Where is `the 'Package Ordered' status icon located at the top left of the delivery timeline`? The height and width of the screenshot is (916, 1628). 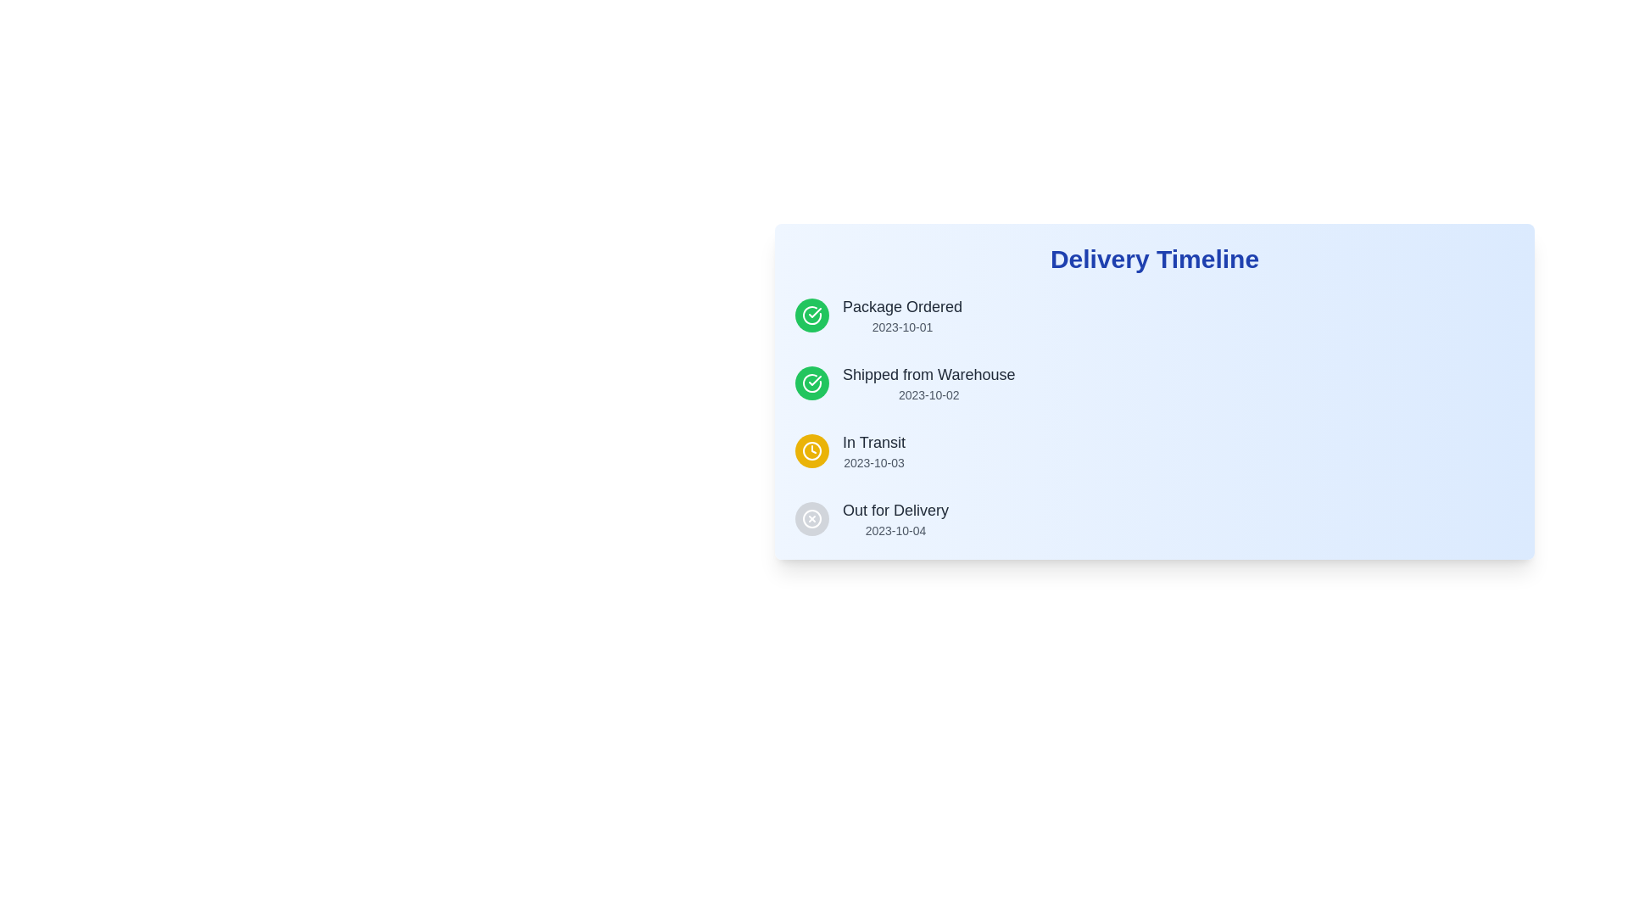 the 'Package Ordered' status icon located at the top left of the delivery timeline is located at coordinates (811, 315).